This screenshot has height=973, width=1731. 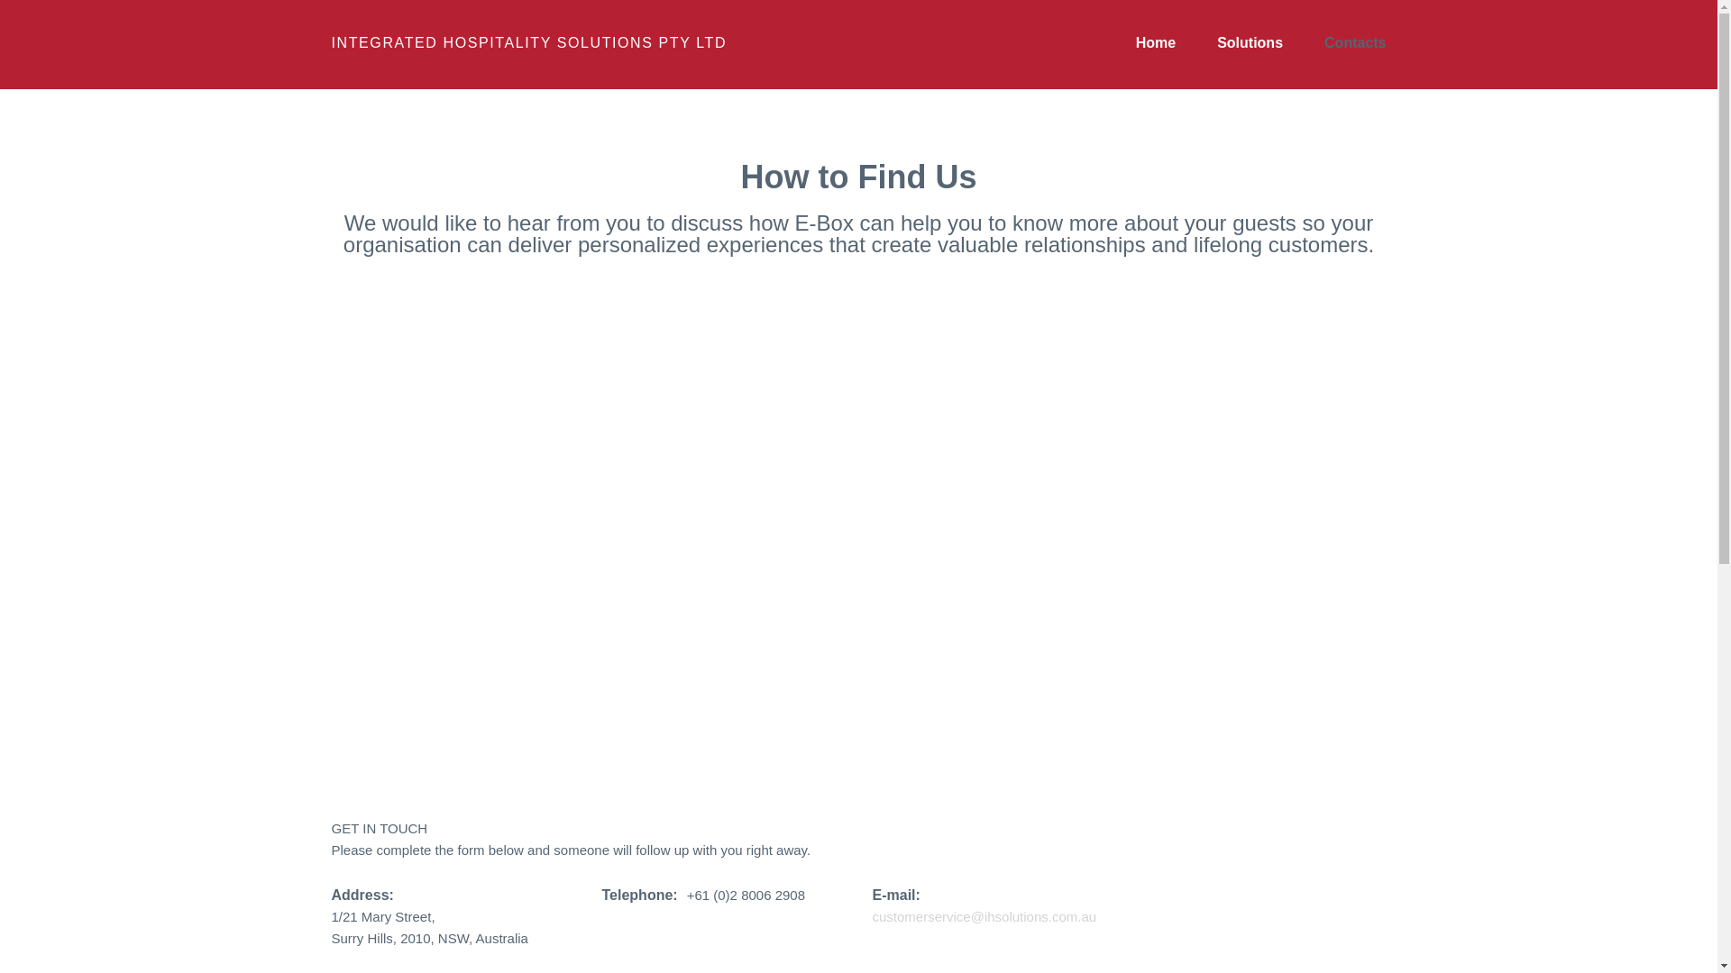 I want to click on 'Solutions', so click(x=1249, y=41).